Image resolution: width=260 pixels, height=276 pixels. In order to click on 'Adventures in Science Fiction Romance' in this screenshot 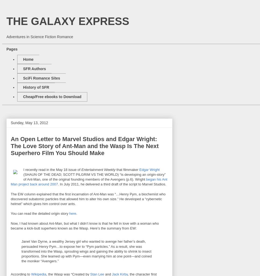, I will do `click(39, 36)`.